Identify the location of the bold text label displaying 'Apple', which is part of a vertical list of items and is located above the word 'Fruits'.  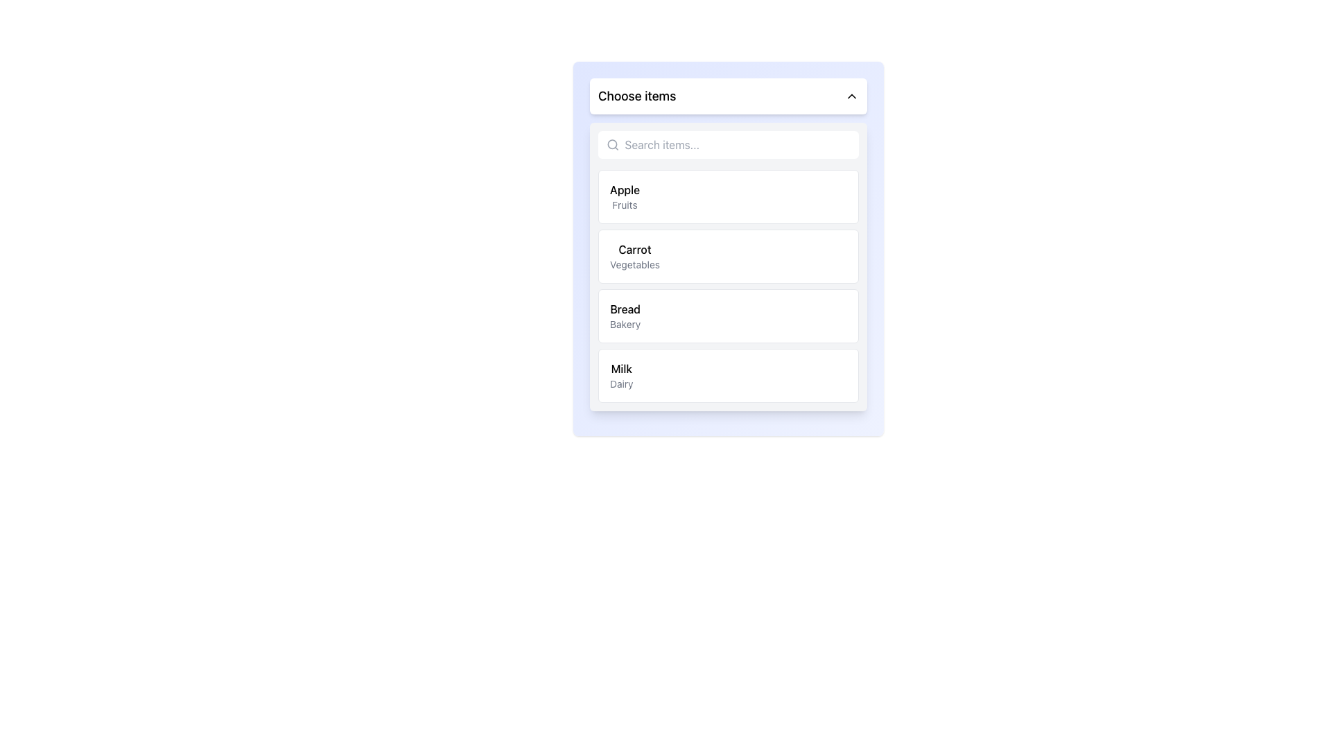
(624, 189).